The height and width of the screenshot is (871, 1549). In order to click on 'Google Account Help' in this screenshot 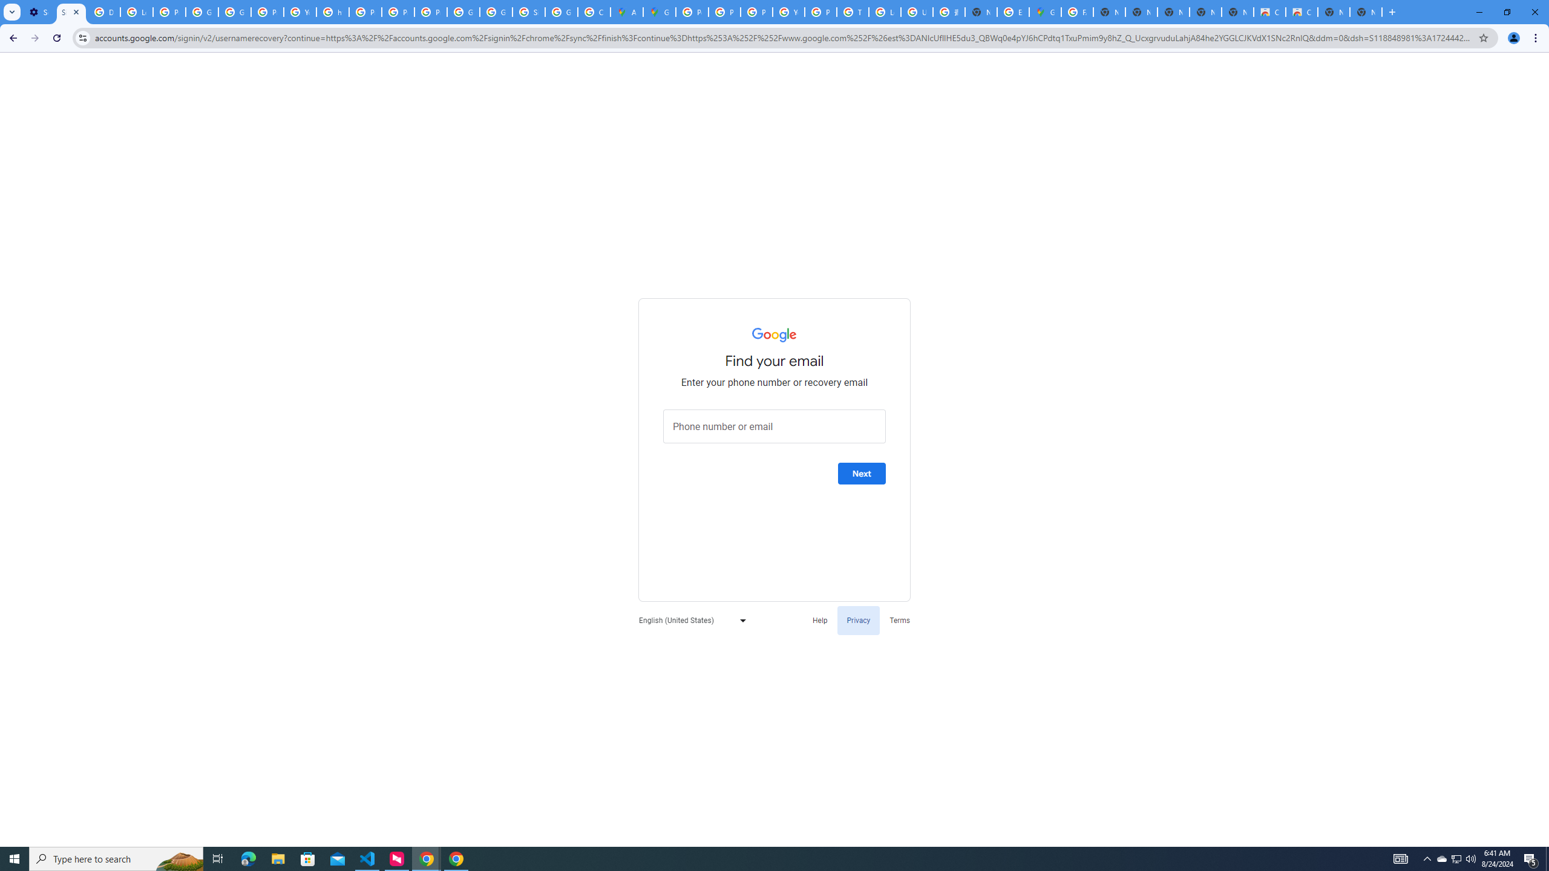, I will do `click(202, 11)`.